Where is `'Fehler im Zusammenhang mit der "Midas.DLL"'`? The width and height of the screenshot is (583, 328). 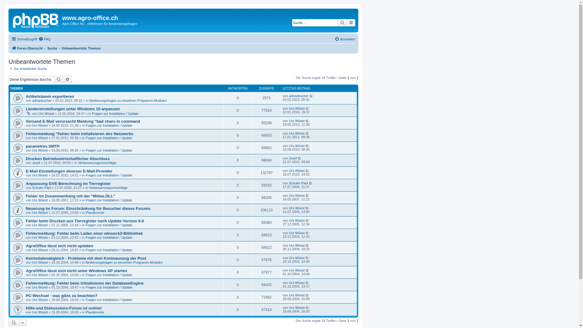
'Fehler im Zusammenhang mit der "Midas.DLL"' is located at coordinates (70, 196).